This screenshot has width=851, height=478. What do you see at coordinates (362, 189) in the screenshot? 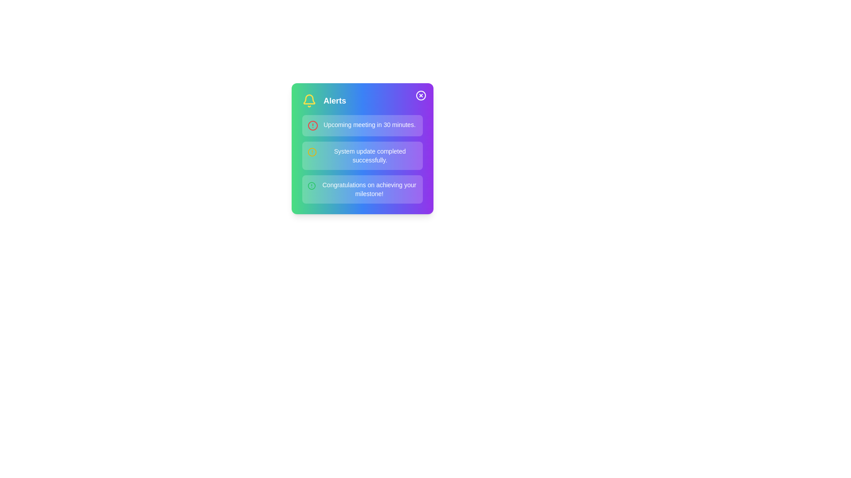
I see `the third notification in the 'Alerts' panel, which serves as a milestone notification and is designed for informational purposes` at bounding box center [362, 189].